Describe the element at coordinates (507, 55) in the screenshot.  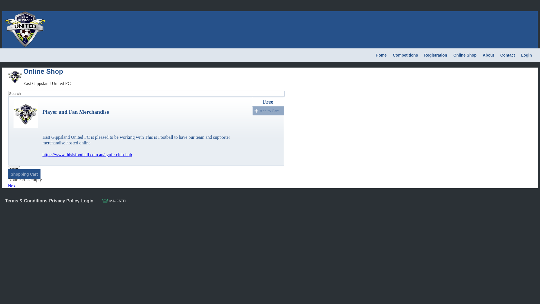
I see `'Contact'` at that location.